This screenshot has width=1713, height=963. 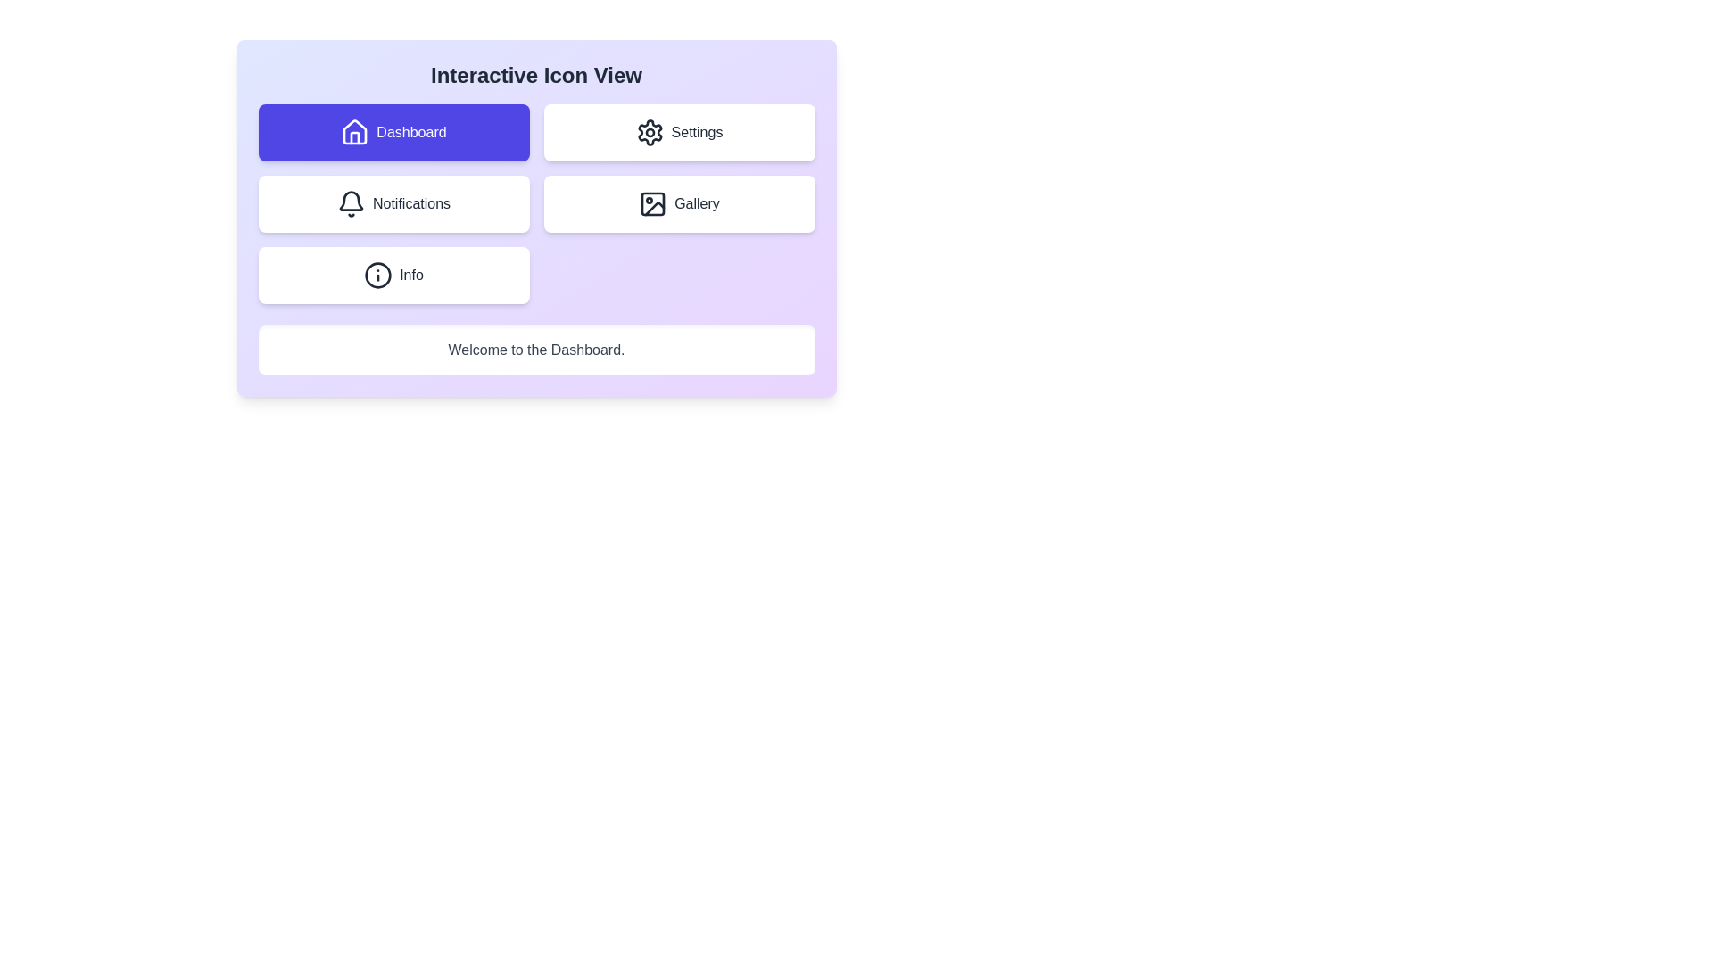 I want to click on the 'Gallery' button, which is a rectangular button with a white background and rounded corners, located in the bottom right quadrant of a 2x3 grid, so click(x=678, y=202).